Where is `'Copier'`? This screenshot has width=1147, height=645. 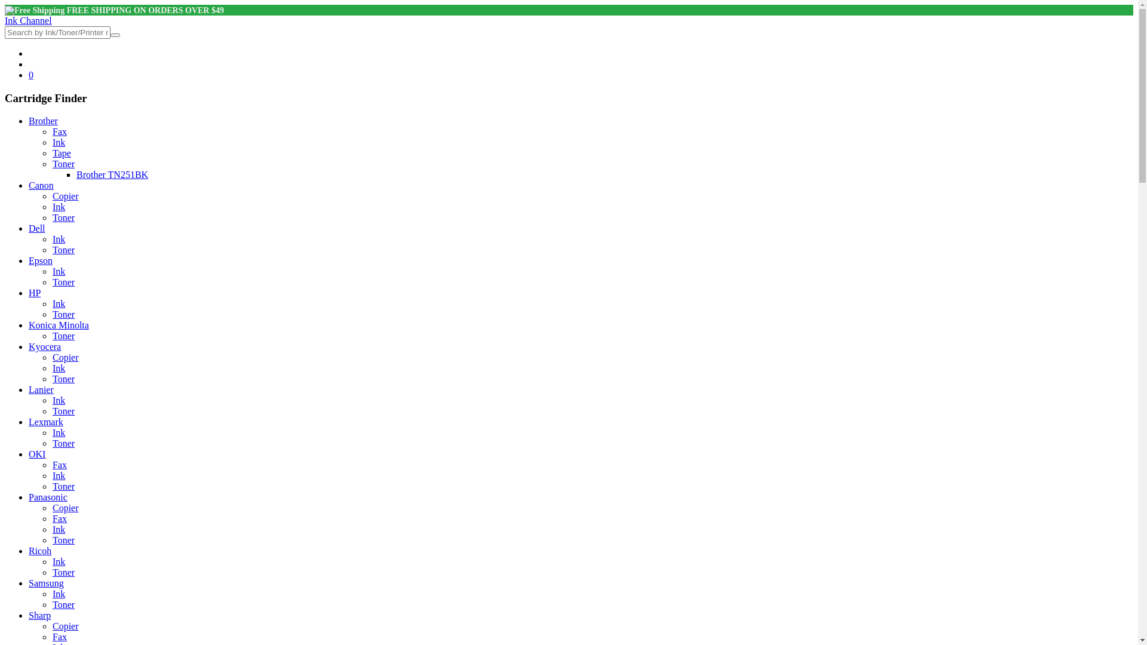
'Copier' is located at coordinates (65, 625).